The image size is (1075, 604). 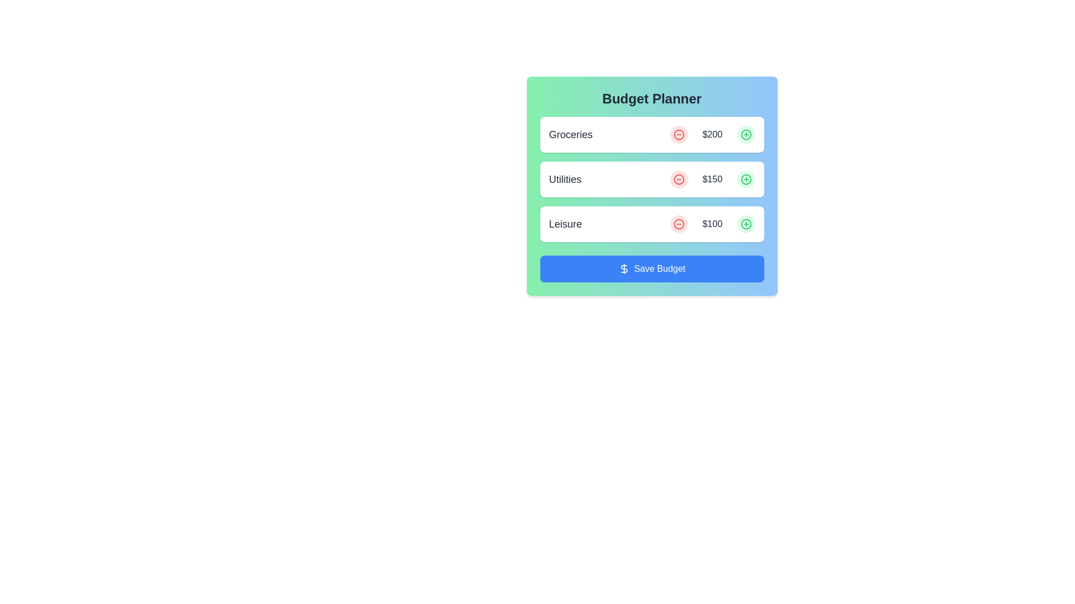 I want to click on the 'Save Budget' button, so click(x=652, y=269).